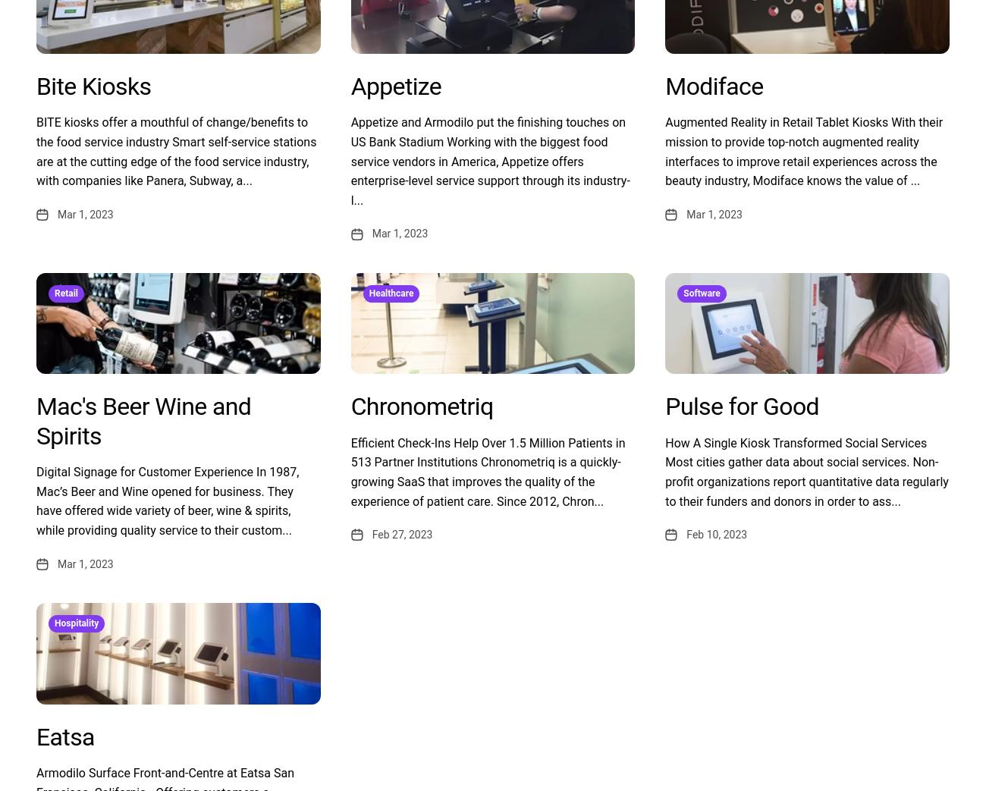 The width and height of the screenshot is (986, 791). I want to click on 'Feb 27, 2023', so click(402, 534).